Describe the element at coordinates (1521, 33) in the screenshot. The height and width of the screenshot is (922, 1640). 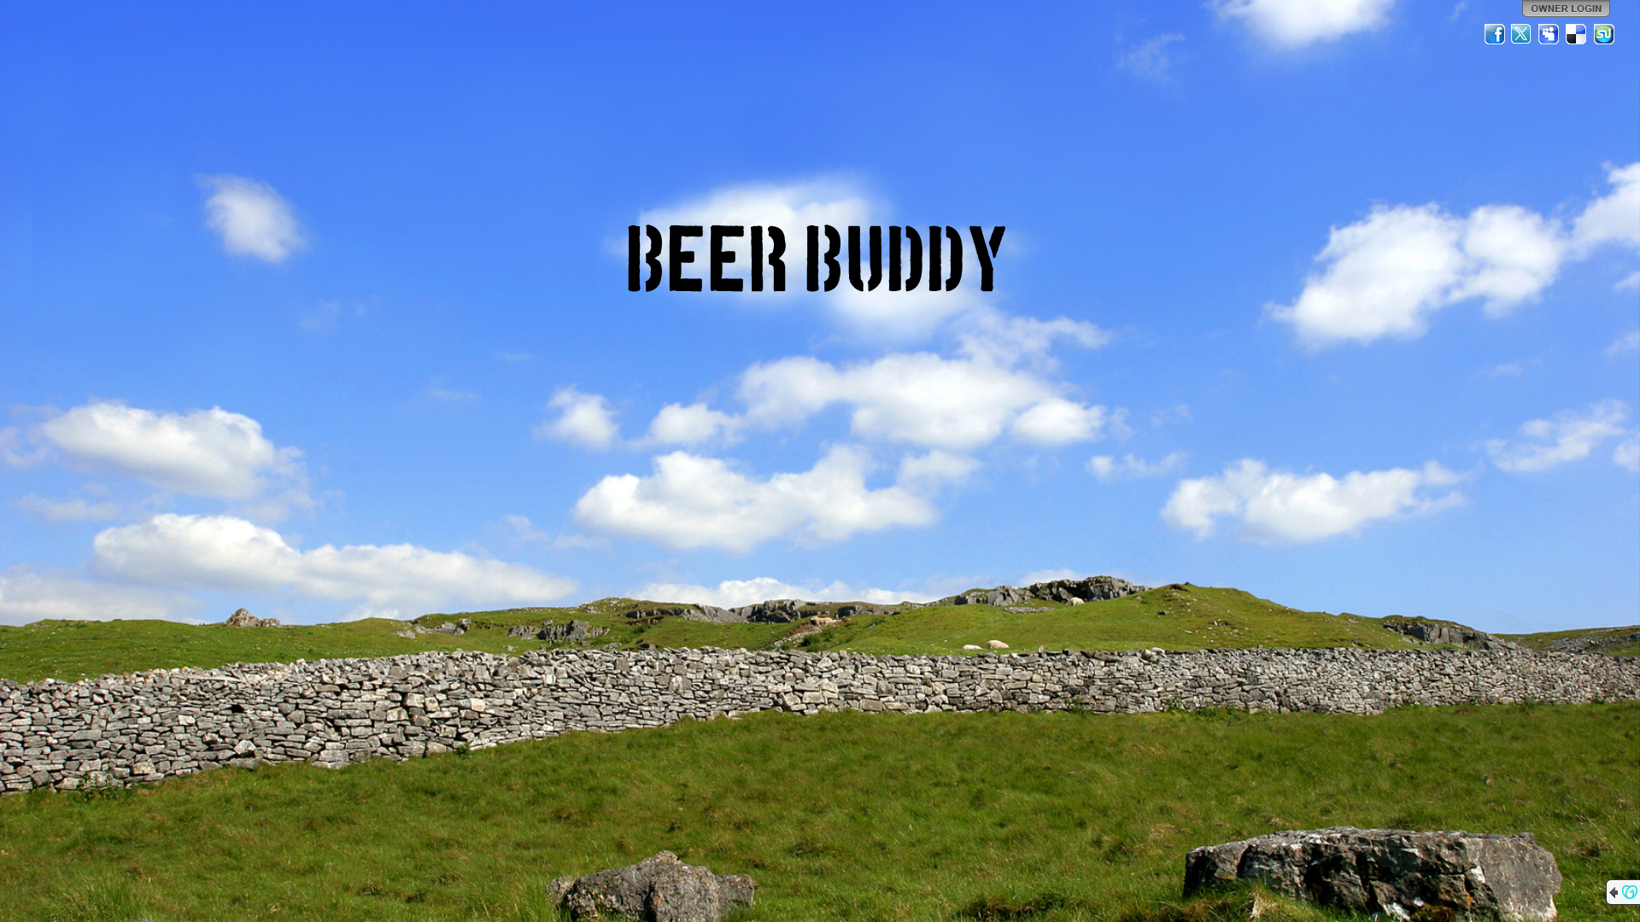
I see `'Twitter'` at that location.